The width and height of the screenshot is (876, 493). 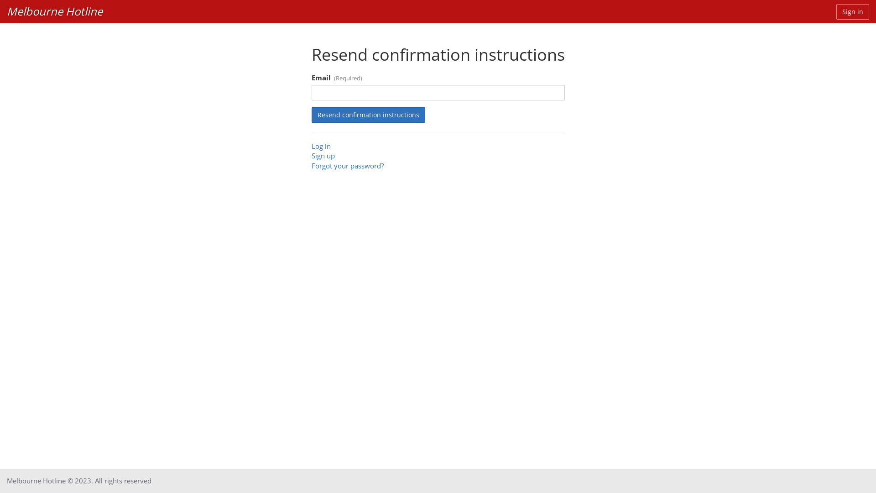 What do you see at coordinates (836, 12) in the screenshot?
I see `'Sign in'` at bounding box center [836, 12].